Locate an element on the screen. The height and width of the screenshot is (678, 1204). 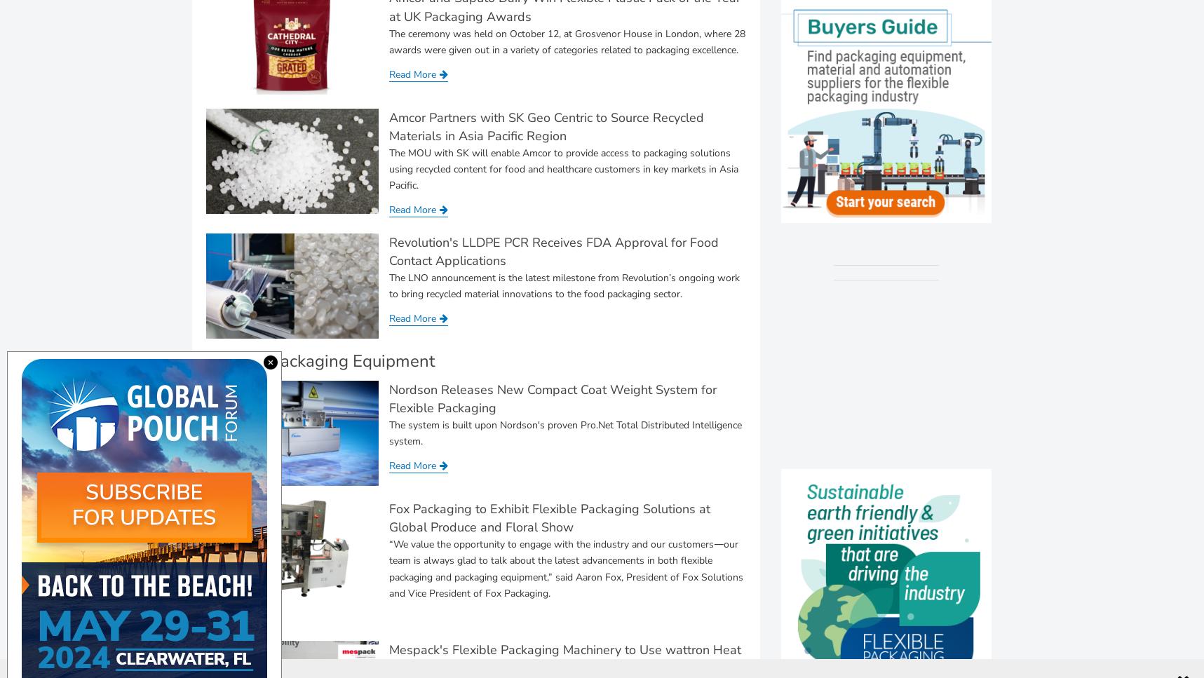
'Revolution's LLDPE PCR Receives FDA Approval for Food Contact Applications' is located at coordinates (388, 250).